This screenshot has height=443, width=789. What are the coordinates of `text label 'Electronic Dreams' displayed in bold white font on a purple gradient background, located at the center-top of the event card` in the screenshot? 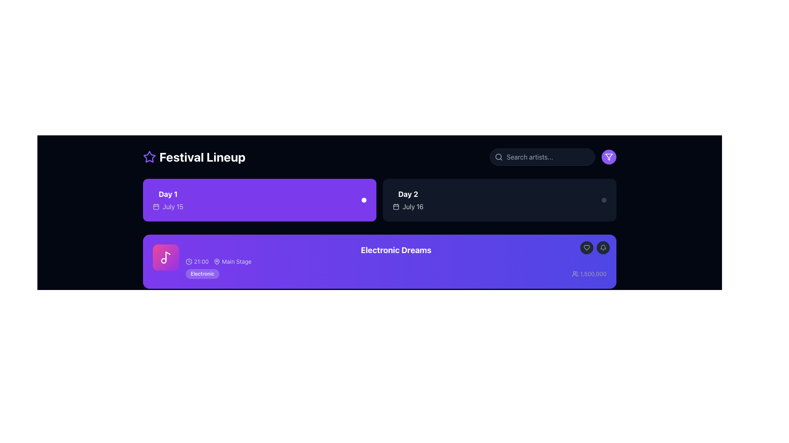 It's located at (396, 249).